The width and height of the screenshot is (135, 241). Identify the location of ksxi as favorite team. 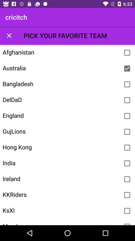
(127, 211).